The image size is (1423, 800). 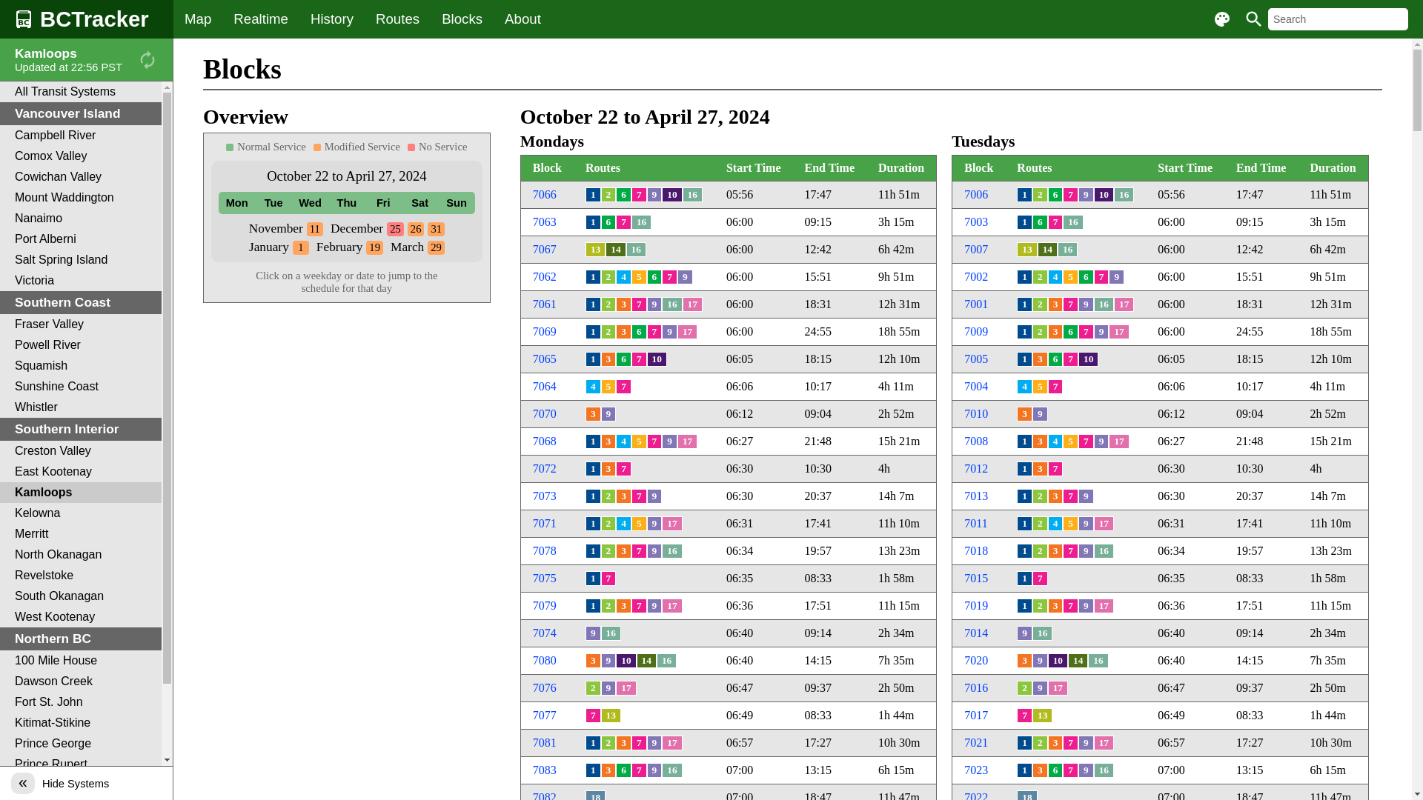 What do you see at coordinates (1101, 330) in the screenshot?
I see `'9'` at bounding box center [1101, 330].